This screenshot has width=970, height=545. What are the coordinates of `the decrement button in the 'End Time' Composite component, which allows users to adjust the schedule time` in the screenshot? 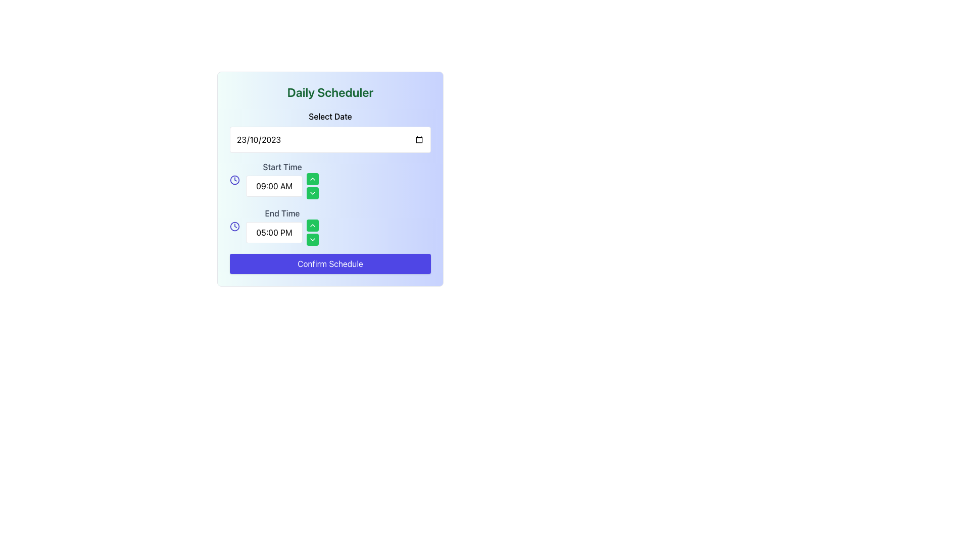 It's located at (330, 226).